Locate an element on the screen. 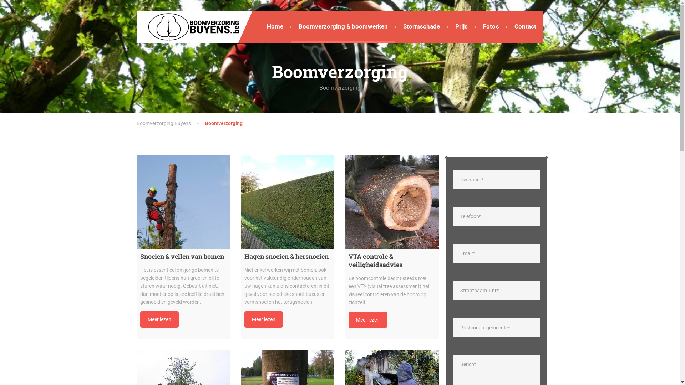  'Contact' is located at coordinates (525, 26).